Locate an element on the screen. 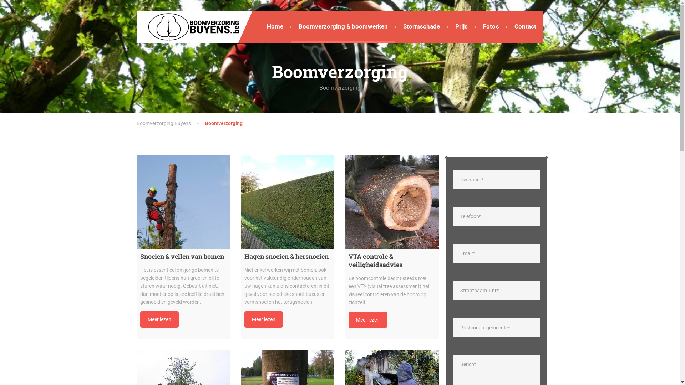  'Contact' is located at coordinates (525, 26).